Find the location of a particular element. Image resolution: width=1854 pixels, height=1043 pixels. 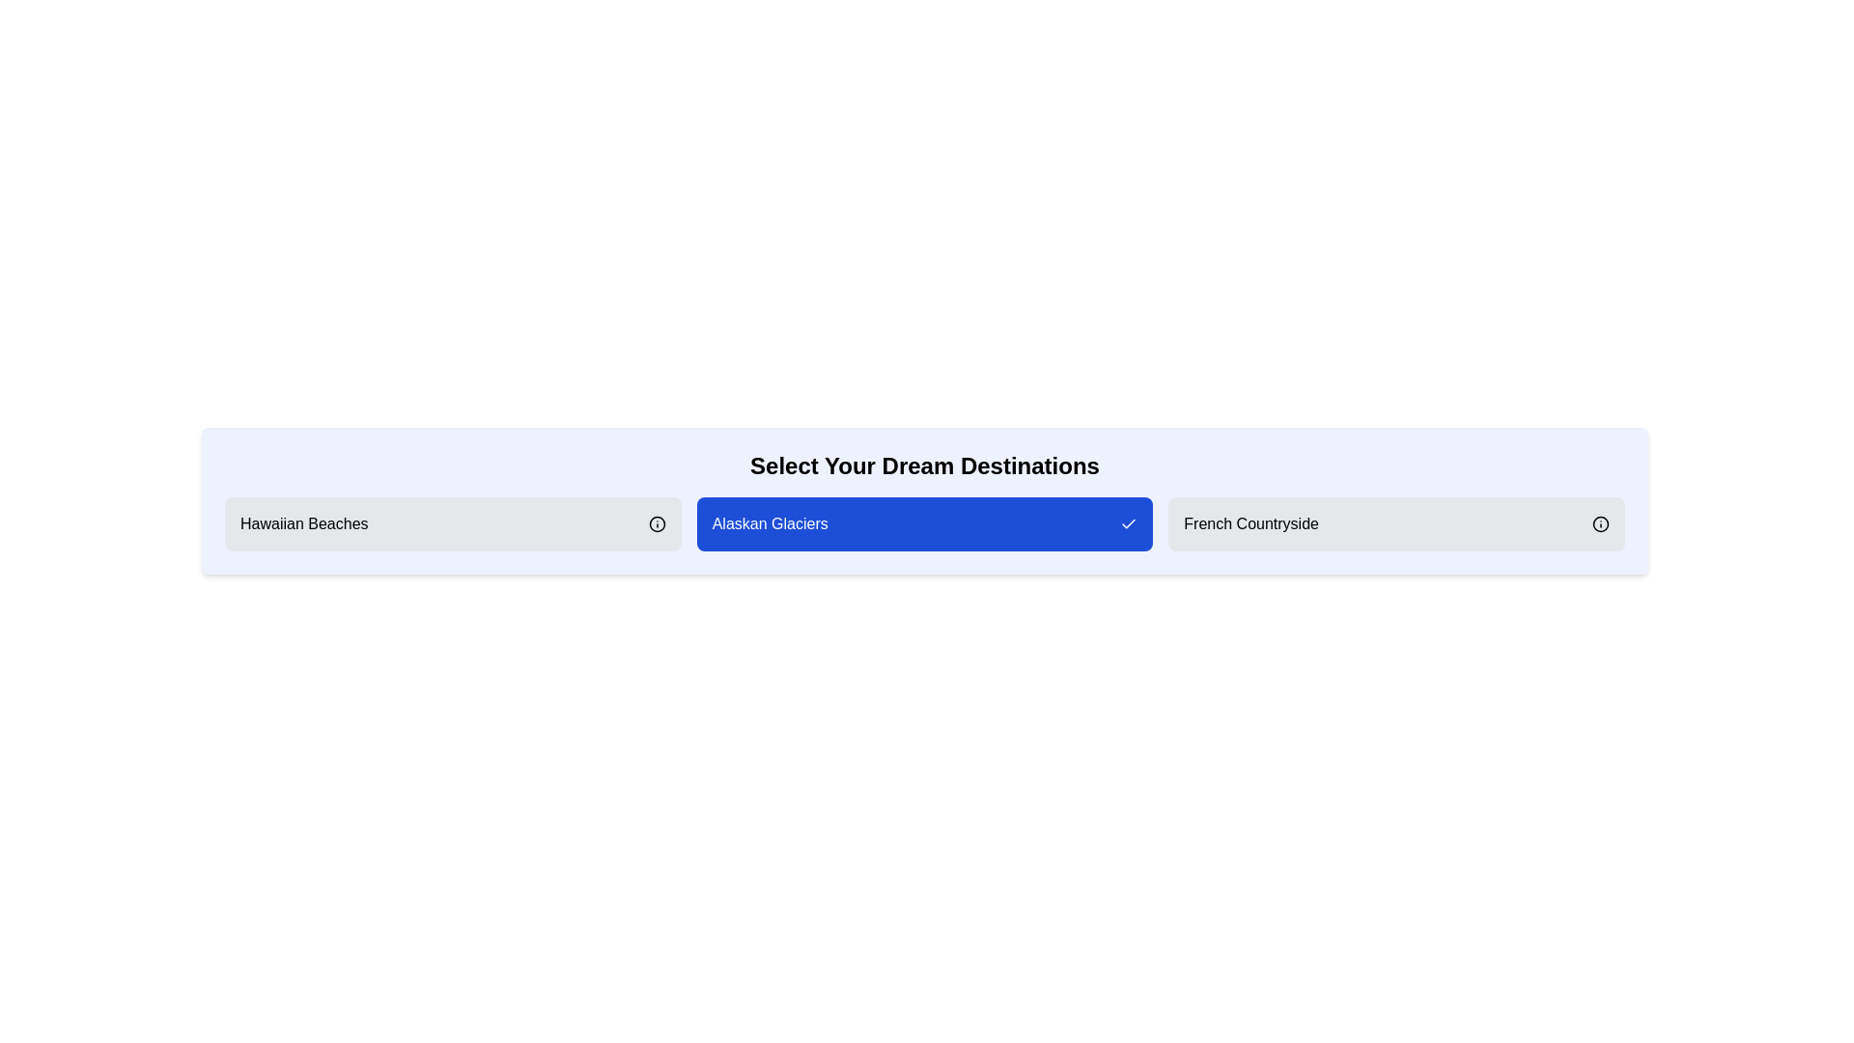

the information icon of the destination labeled French Countryside is located at coordinates (1600, 524).